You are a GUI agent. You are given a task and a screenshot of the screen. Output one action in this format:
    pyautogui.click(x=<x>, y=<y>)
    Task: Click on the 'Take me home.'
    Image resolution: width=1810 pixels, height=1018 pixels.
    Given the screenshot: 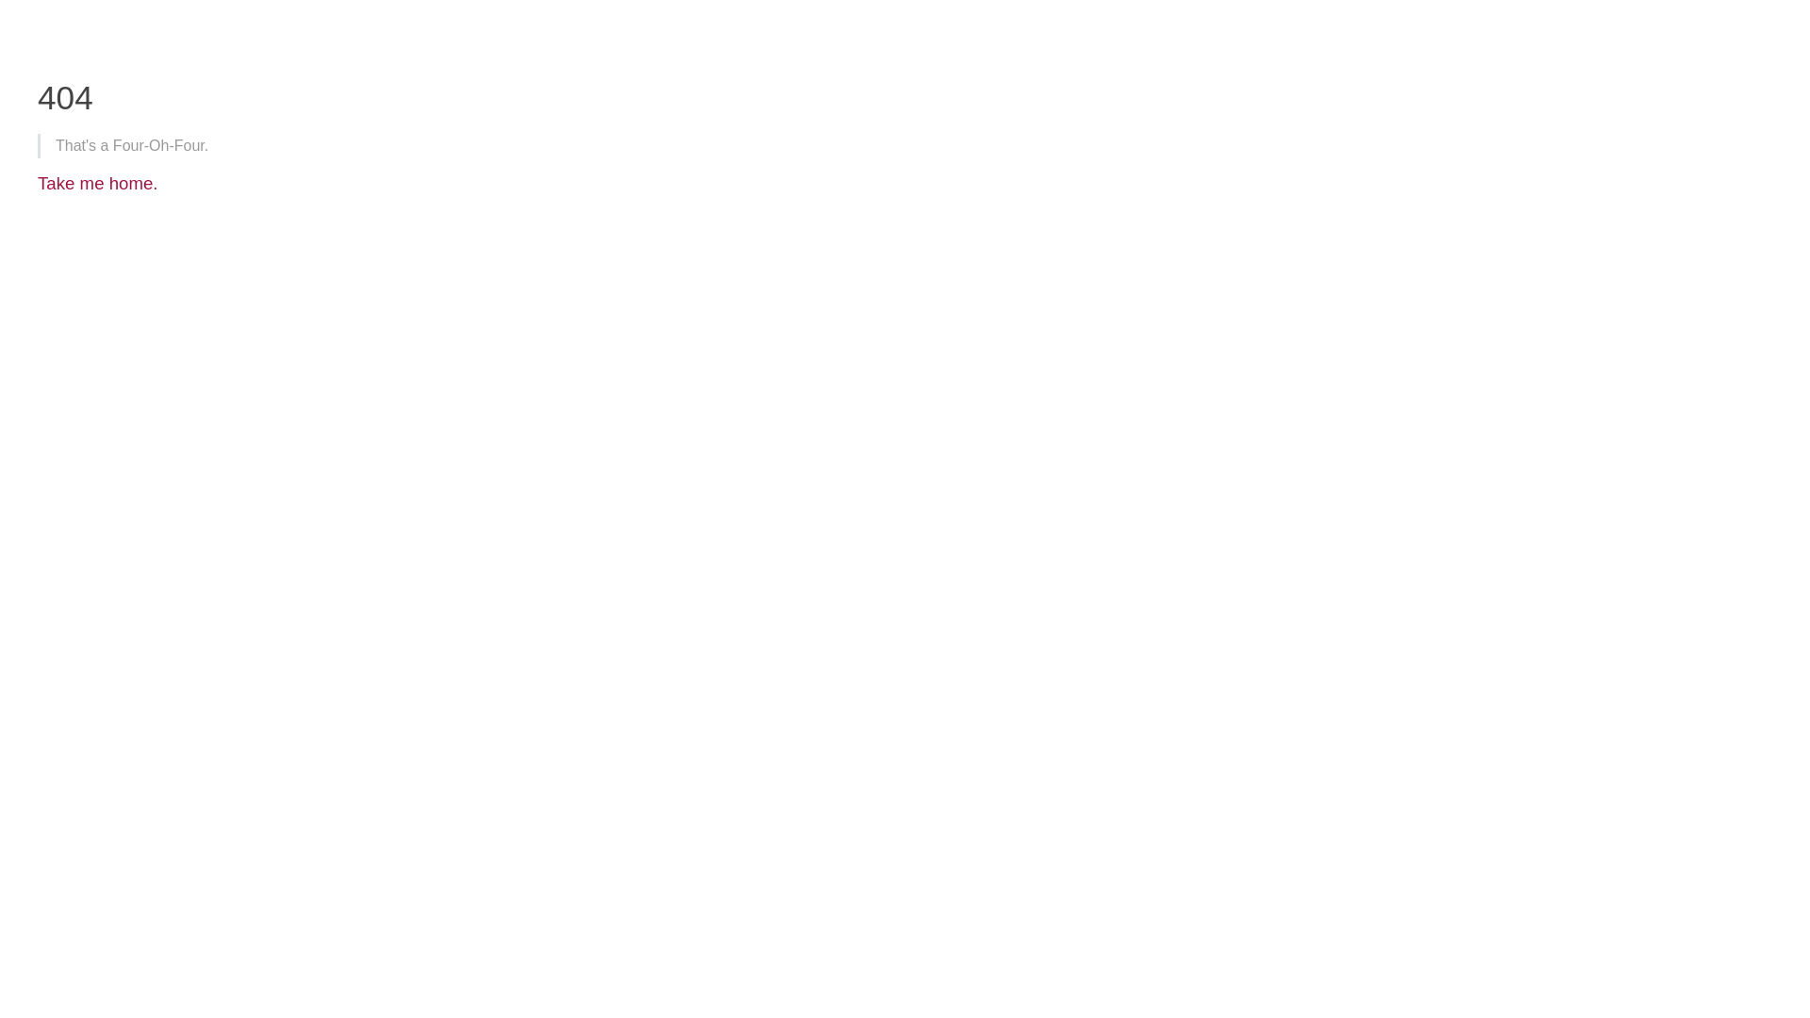 What is the action you would take?
    pyautogui.click(x=97, y=183)
    